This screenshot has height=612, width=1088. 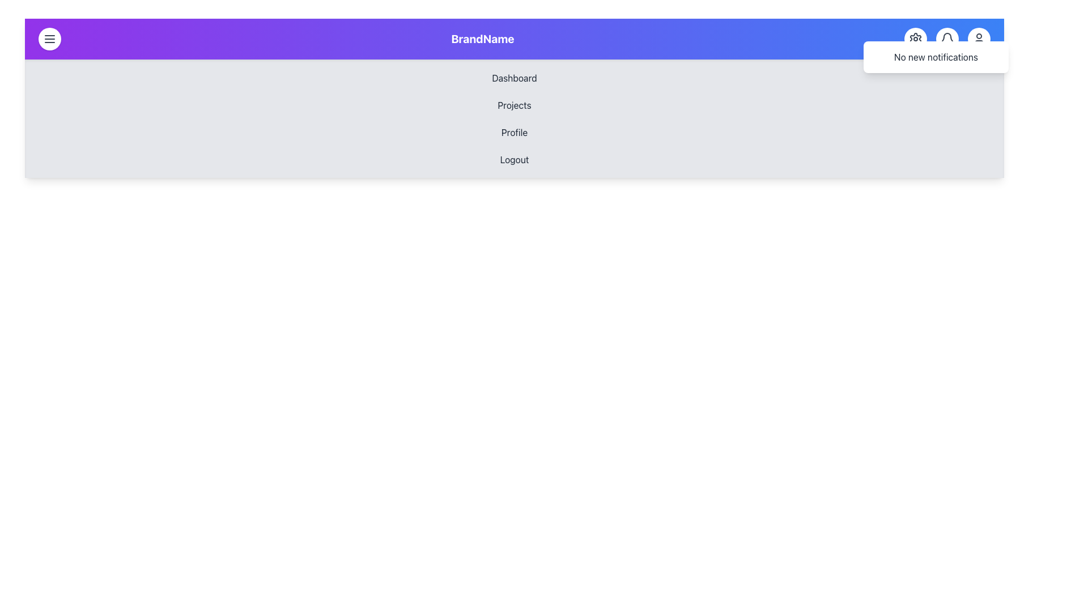 I want to click on the settings button located in the top-right corner of the interface, so click(x=916, y=39).